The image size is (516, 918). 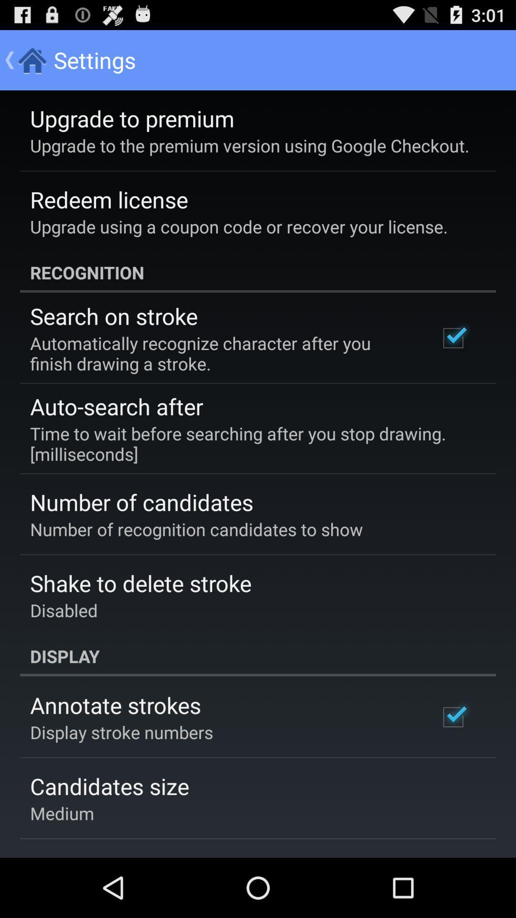 I want to click on app above the display stroke numbers, so click(x=115, y=705).